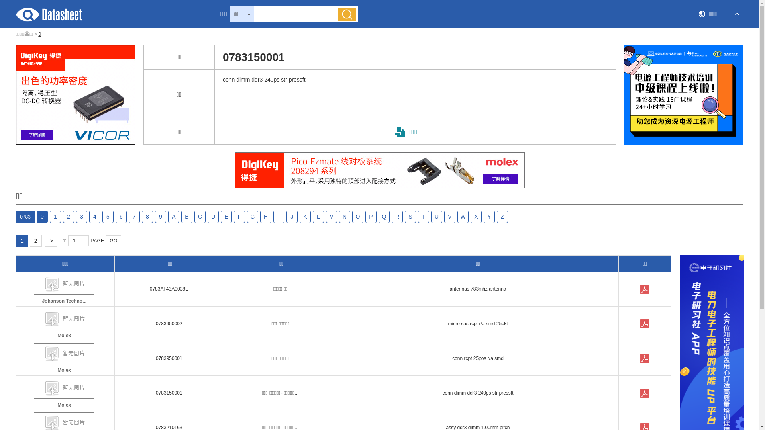 Image resolution: width=765 pixels, height=430 pixels. Describe the element at coordinates (239, 217) in the screenshot. I see `'F'` at that location.